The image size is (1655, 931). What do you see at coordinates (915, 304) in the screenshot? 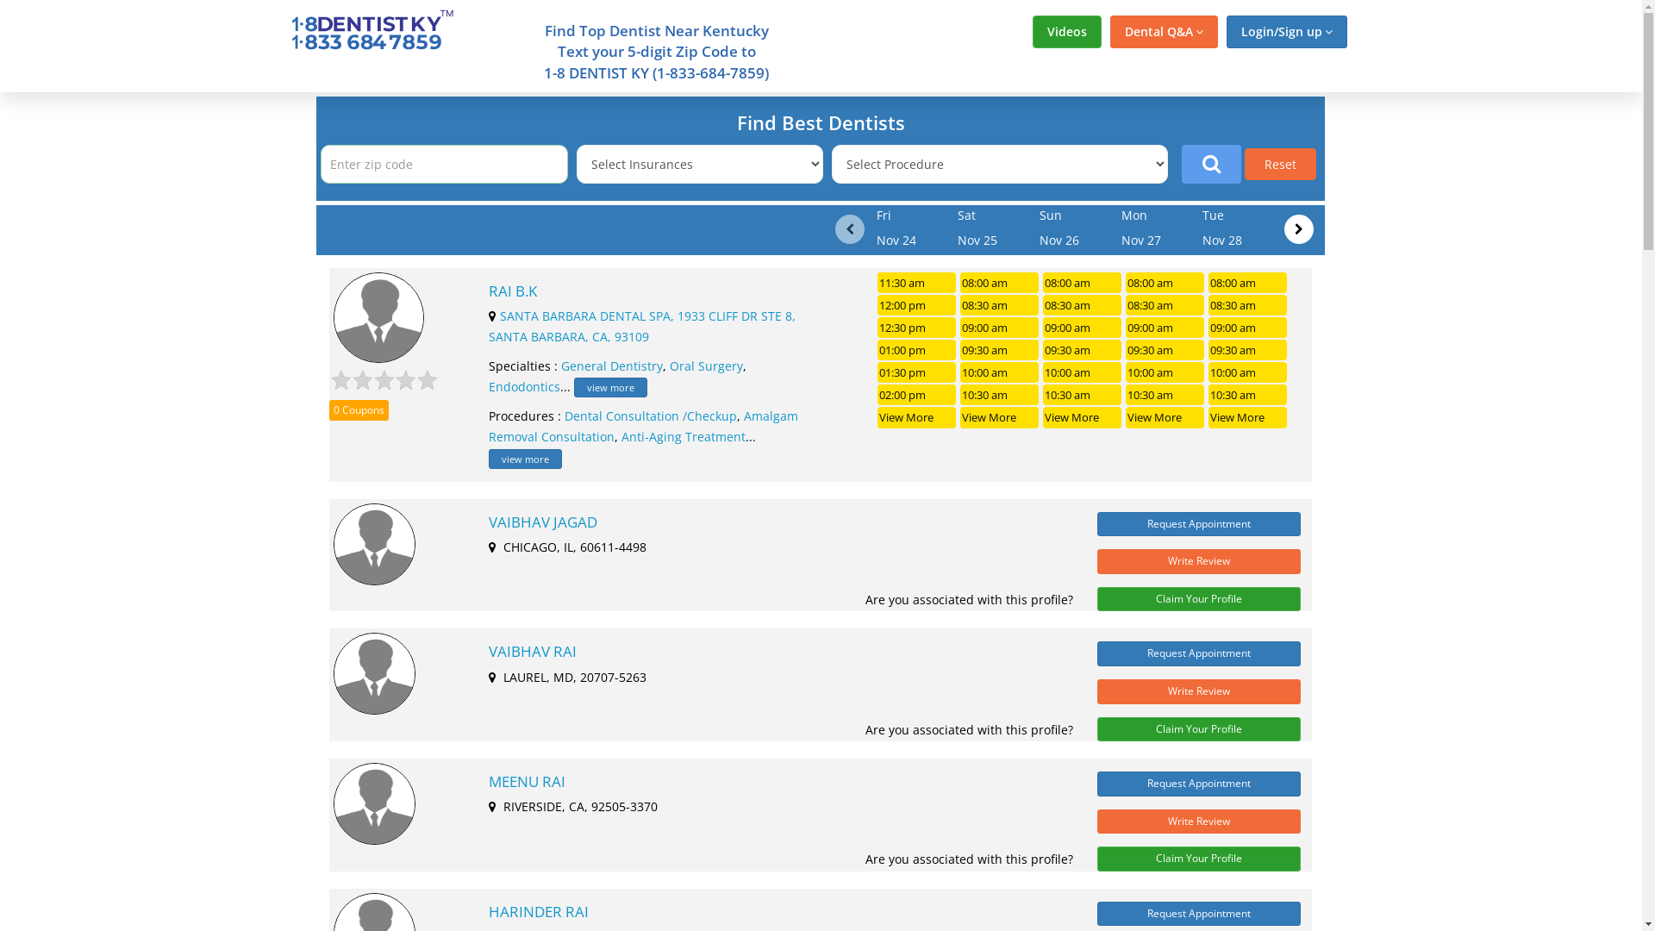
I see `'12:00 pm'` at bounding box center [915, 304].